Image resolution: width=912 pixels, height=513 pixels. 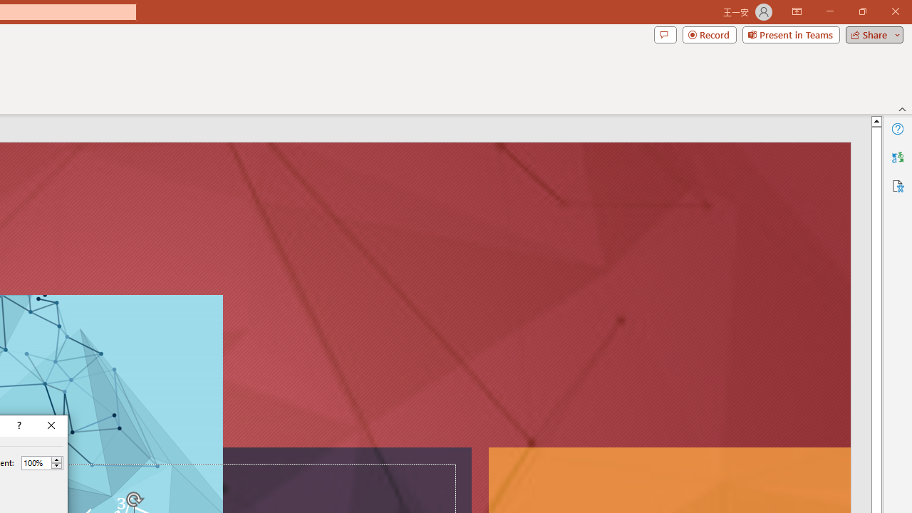 I want to click on 'Percent', so click(x=42, y=463).